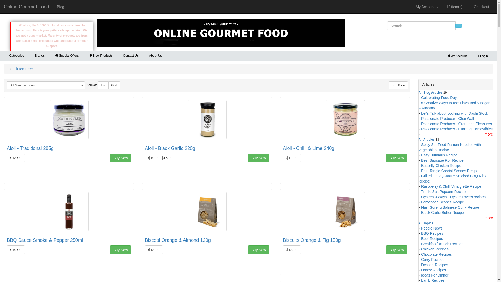 This screenshot has height=282, width=501. What do you see at coordinates (434, 264) in the screenshot?
I see `'Dessert Recipes'` at bounding box center [434, 264].